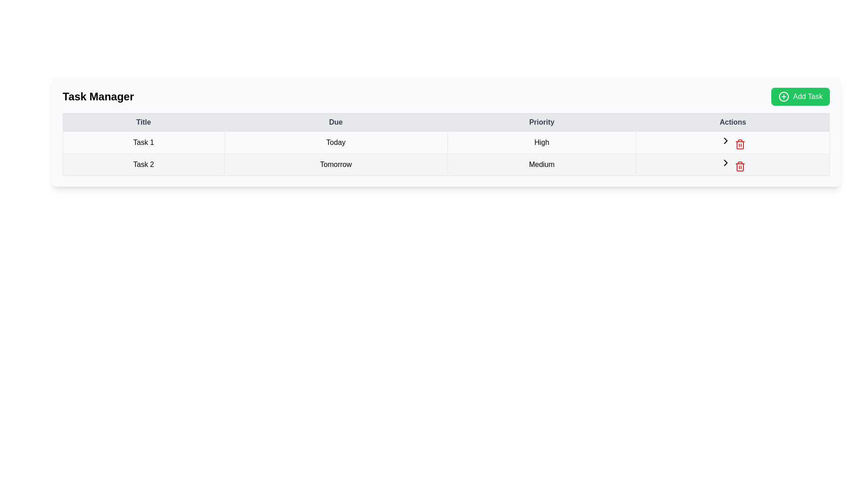 The height and width of the screenshot is (486, 865). What do you see at coordinates (725, 140) in the screenshot?
I see `the right-facing arrow icon in the 'Actions' column of the first row in the table beneath the 'Task Manager' title` at bounding box center [725, 140].